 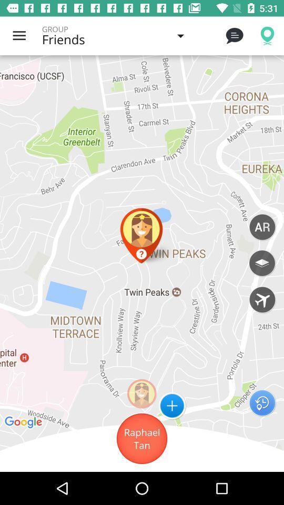 I want to click on show more flights, so click(x=261, y=299).